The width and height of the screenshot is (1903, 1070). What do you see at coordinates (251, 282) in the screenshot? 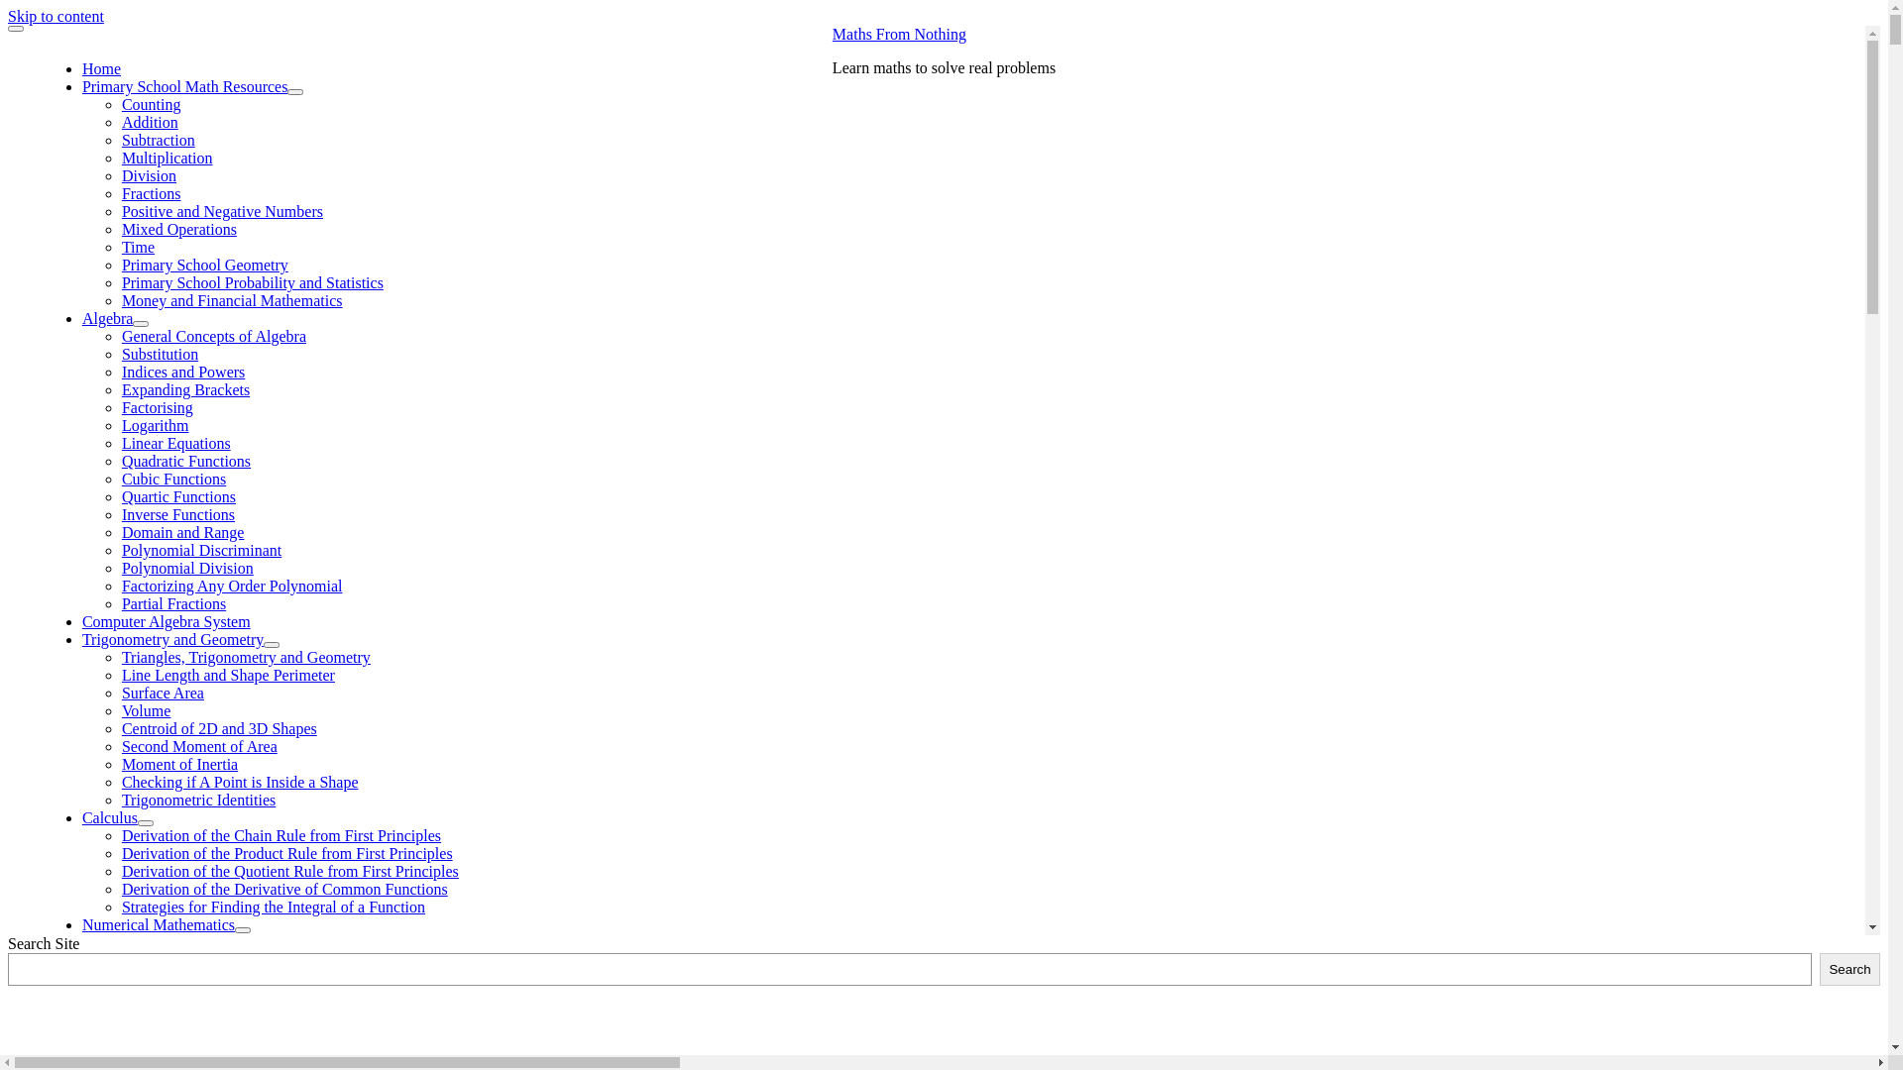
I see `'Primary School Probability and Statistics'` at bounding box center [251, 282].